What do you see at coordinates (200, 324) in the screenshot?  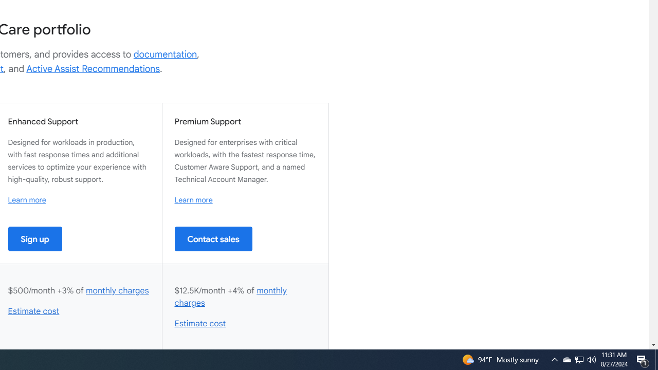 I see `'Estimate cost'` at bounding box center [200, 324].